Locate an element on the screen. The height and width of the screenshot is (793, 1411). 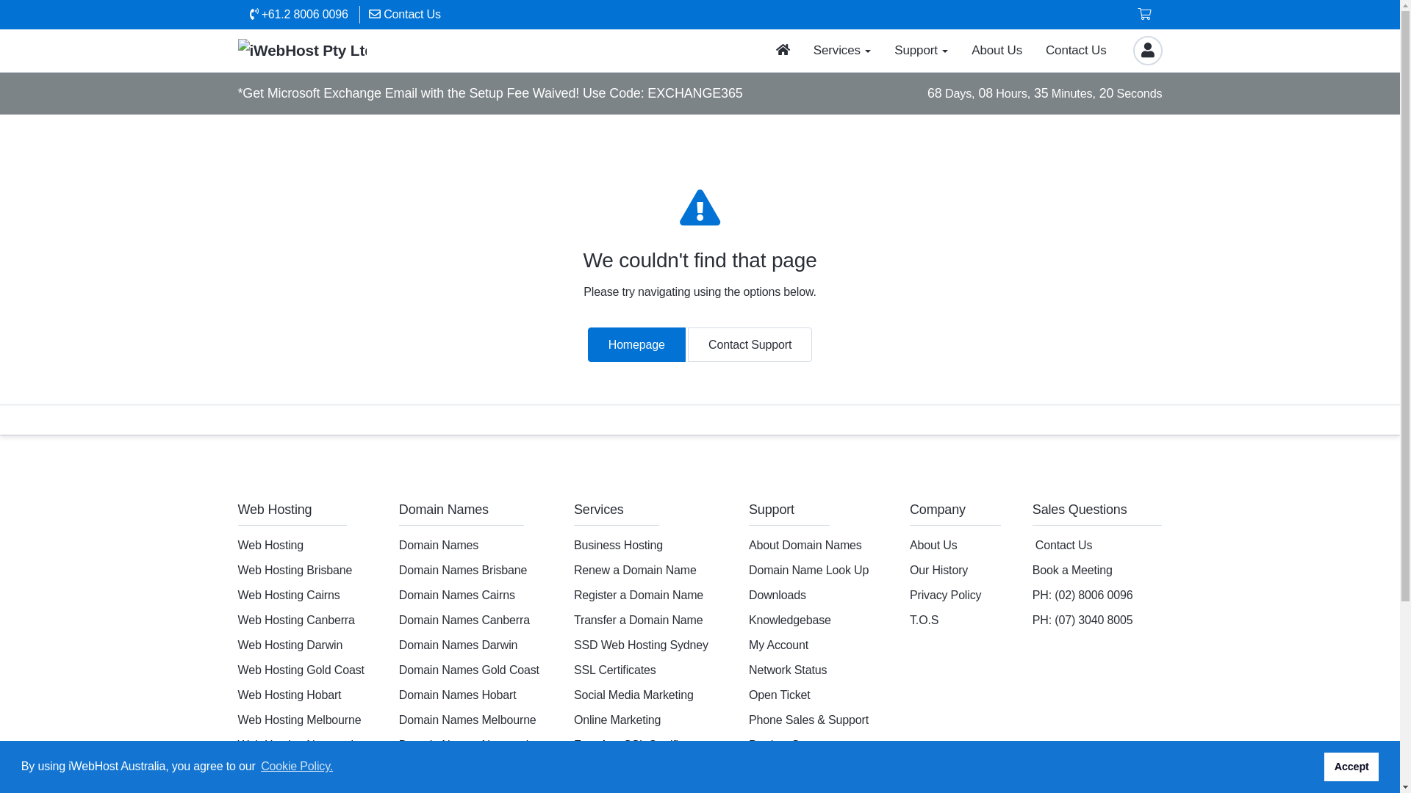
'Web Hosting Newcastle' is located at coordinates (298, 745).